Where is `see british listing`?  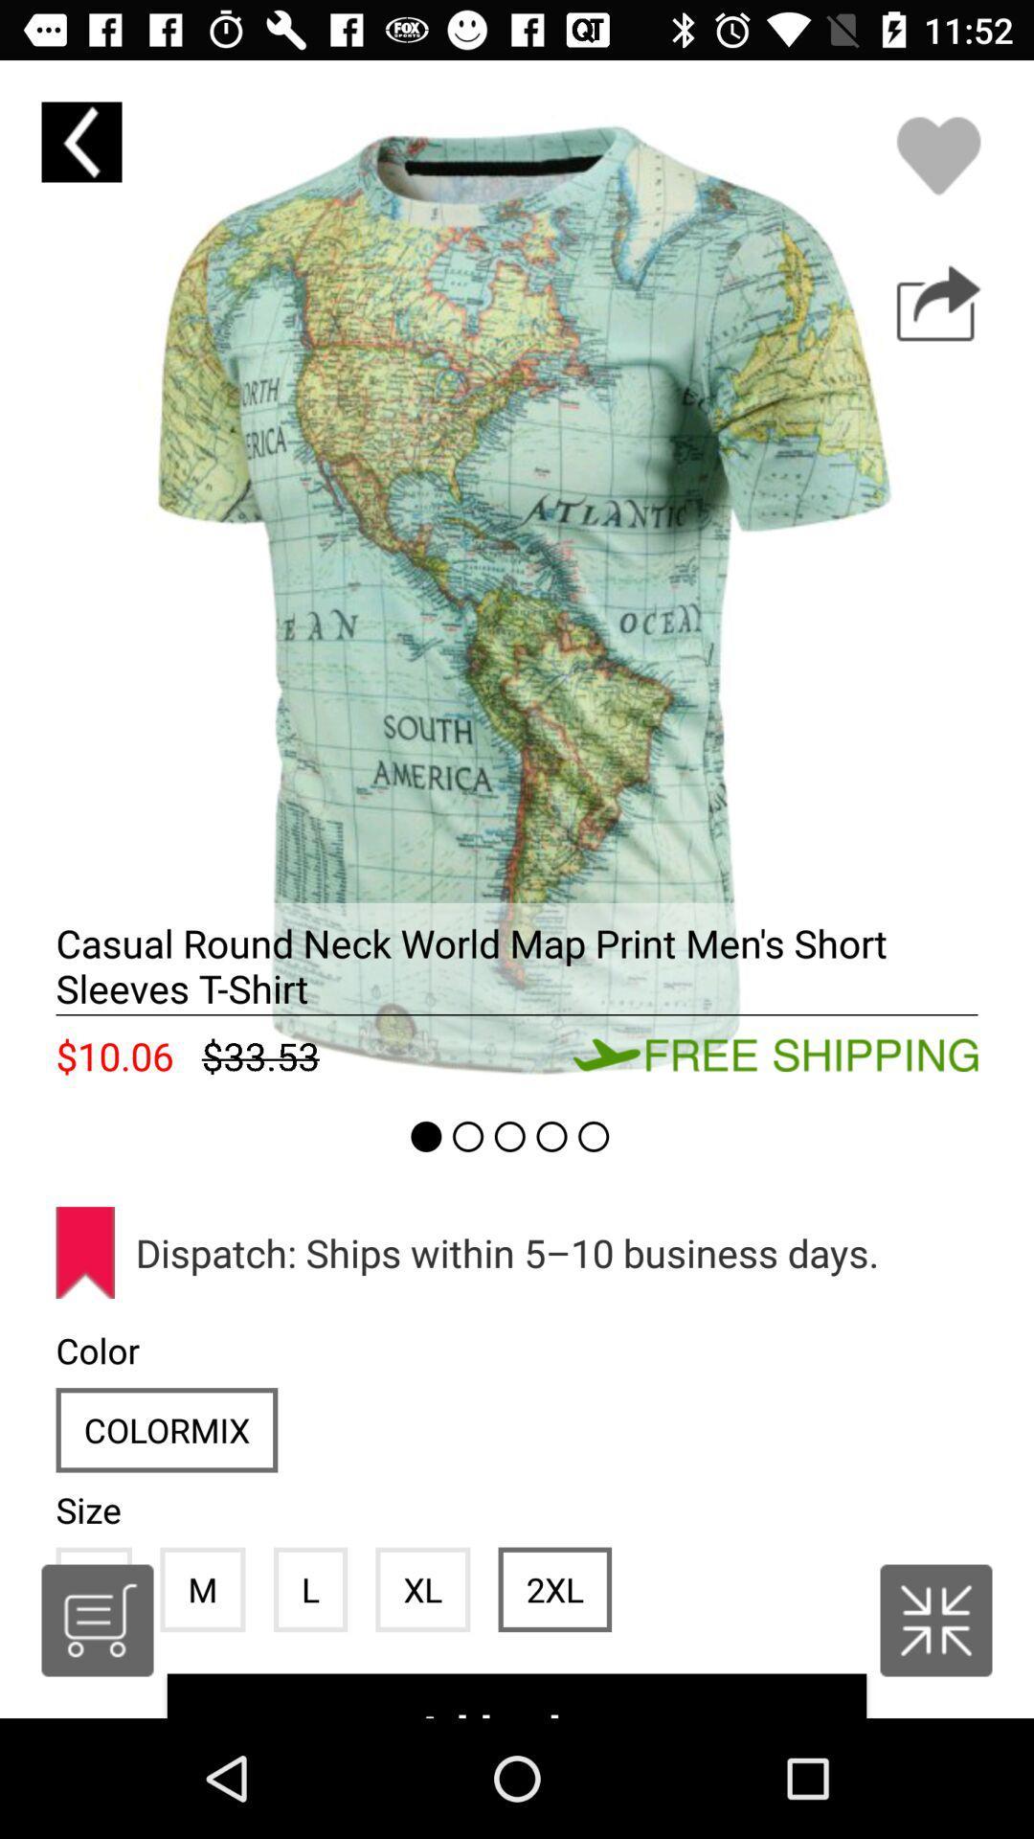 see british listing is located at coordinates (935, 1620).